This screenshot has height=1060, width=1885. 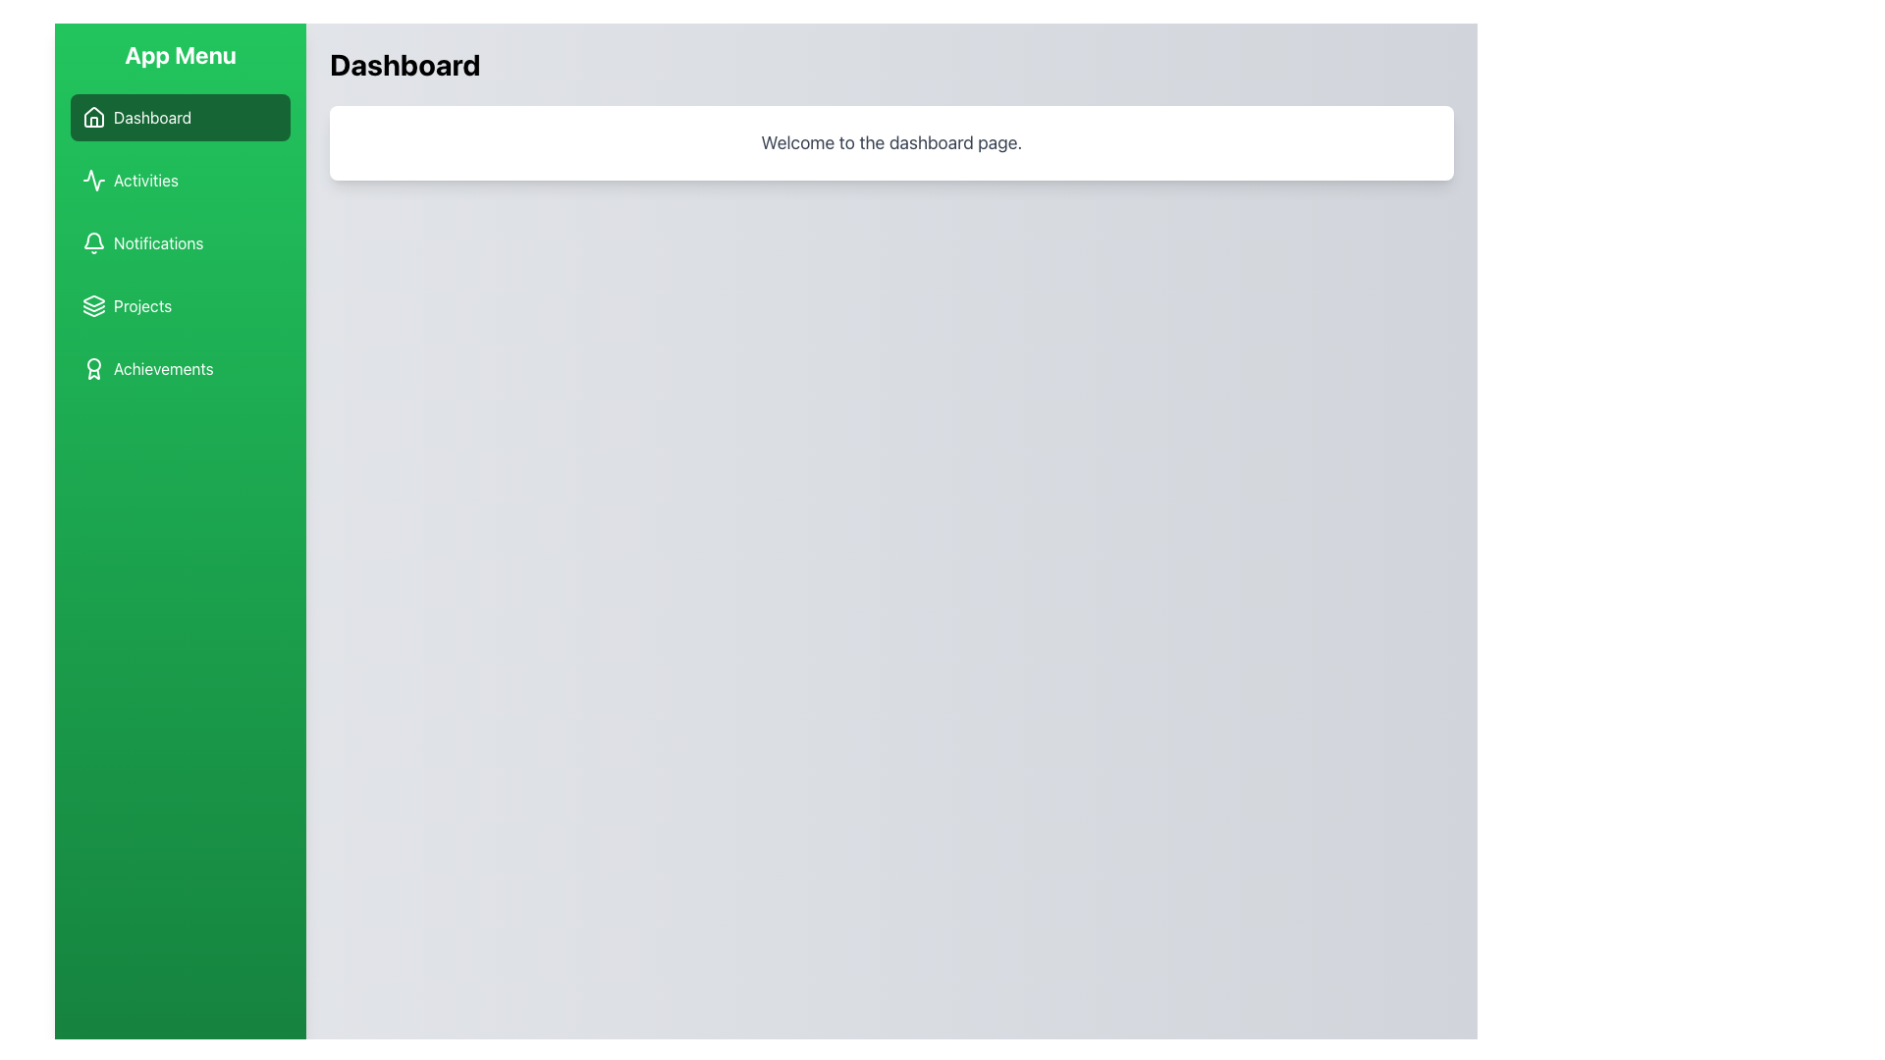 I want to click on the award emblem icon in the green sidebar, so click(x=93, y=368).